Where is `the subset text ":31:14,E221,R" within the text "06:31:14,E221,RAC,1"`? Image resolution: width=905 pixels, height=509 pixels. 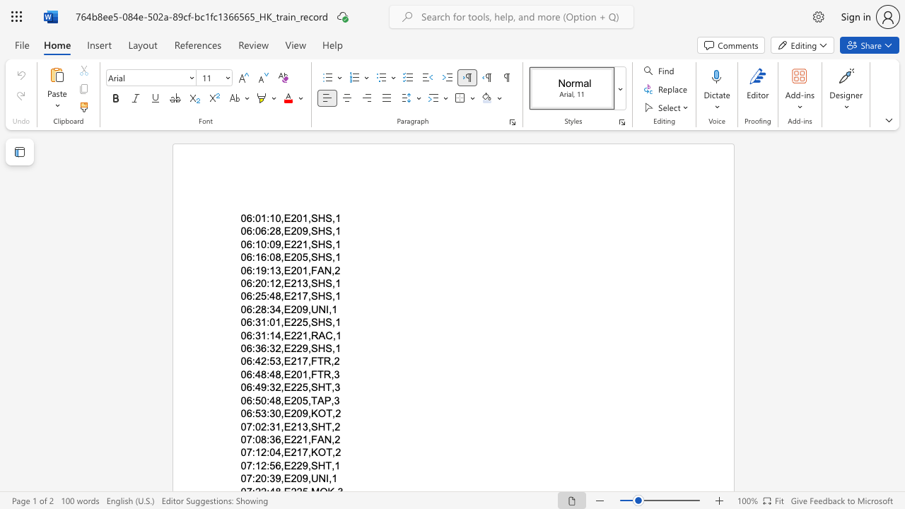 the subset text ":31:14,E221,R" within the text "06:31:14,E221,RAC,1" is located at coordinates (252, 335).